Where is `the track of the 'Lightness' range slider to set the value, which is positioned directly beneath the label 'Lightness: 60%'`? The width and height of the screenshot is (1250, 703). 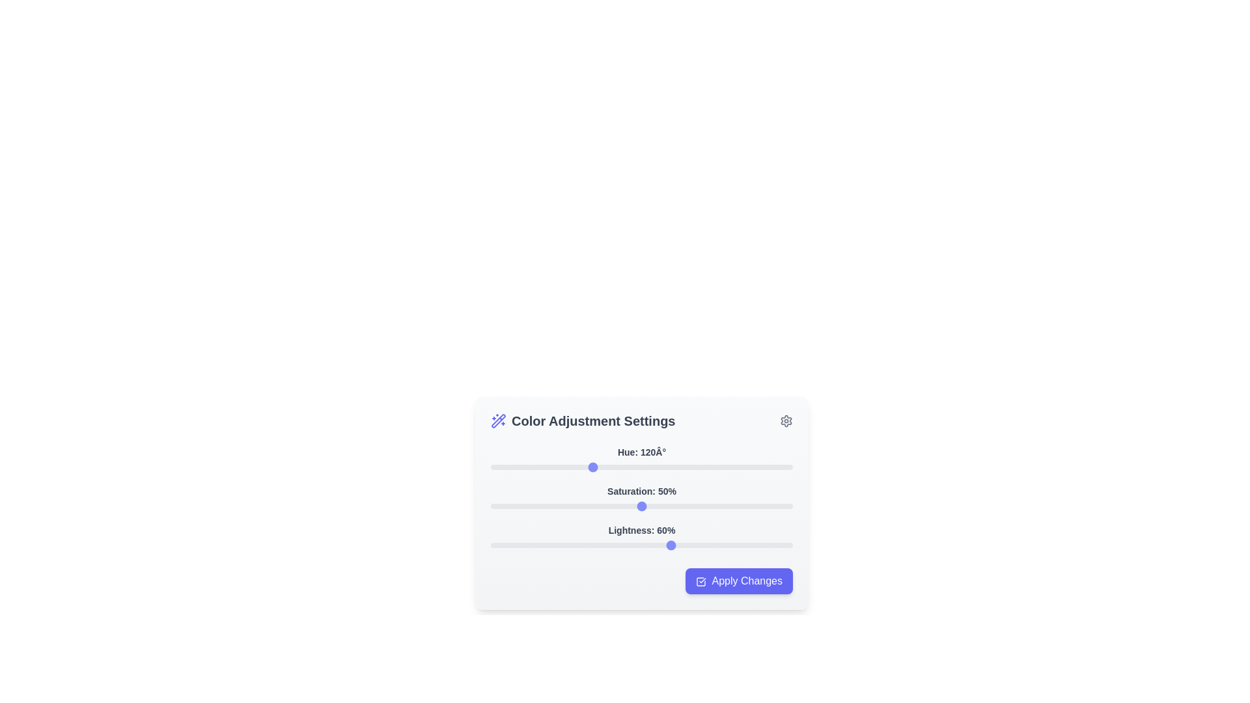 the track of the 'Lightness' range slider to set the value, which is positioned directly beneath the label 'Lightness: 60%' is located at coordinates (641, 545).